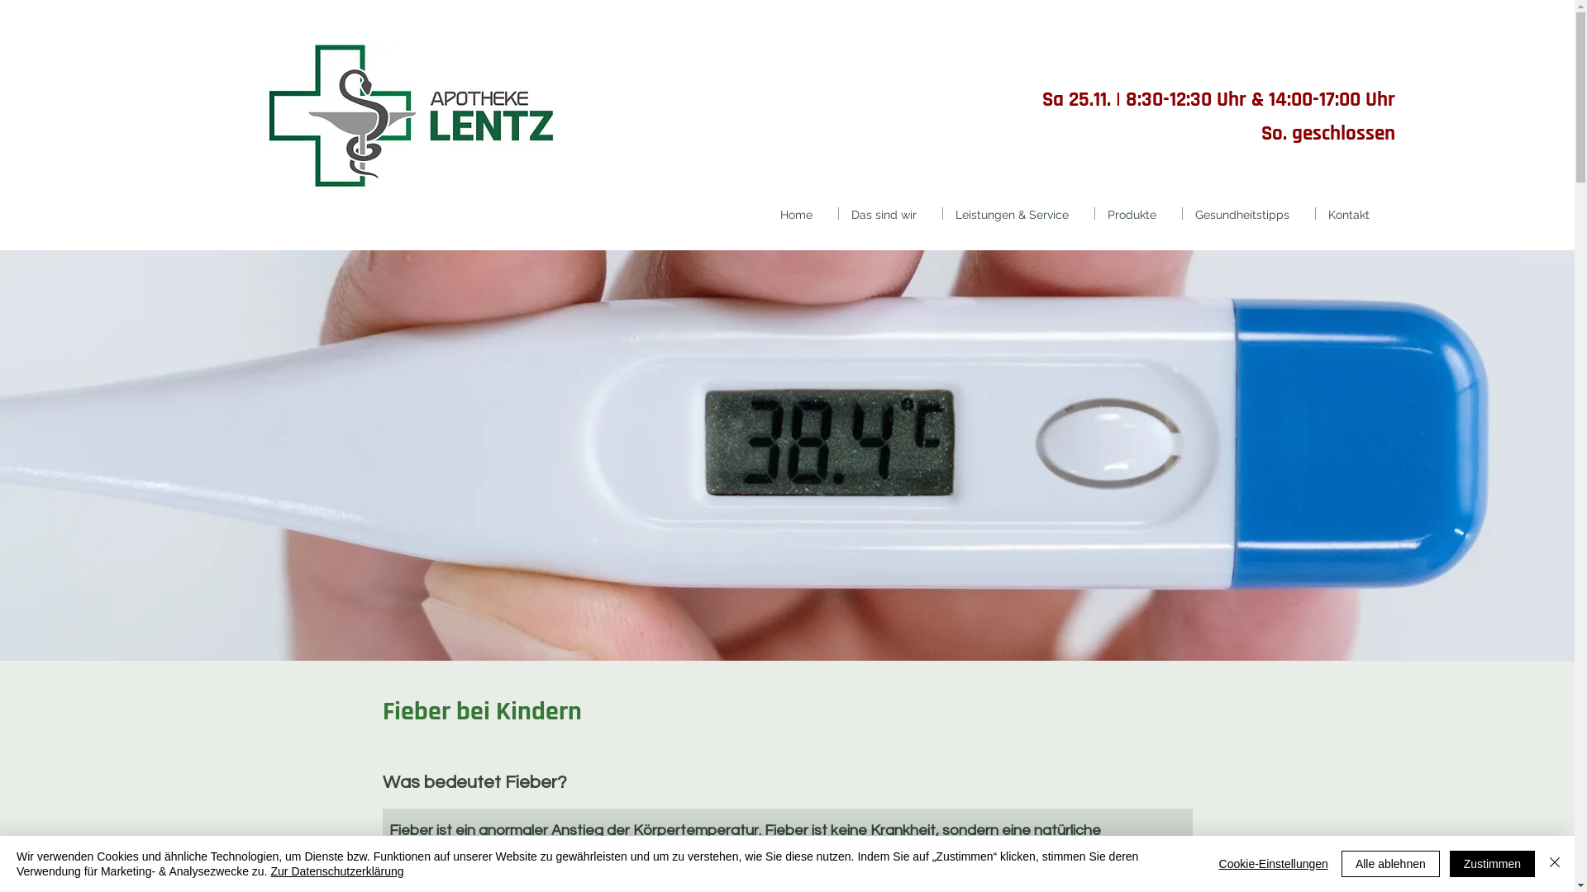 The width and height of the screenshot is (1587, 892). I want to click on 'Gesundheitstipps', so click(1249, 212).